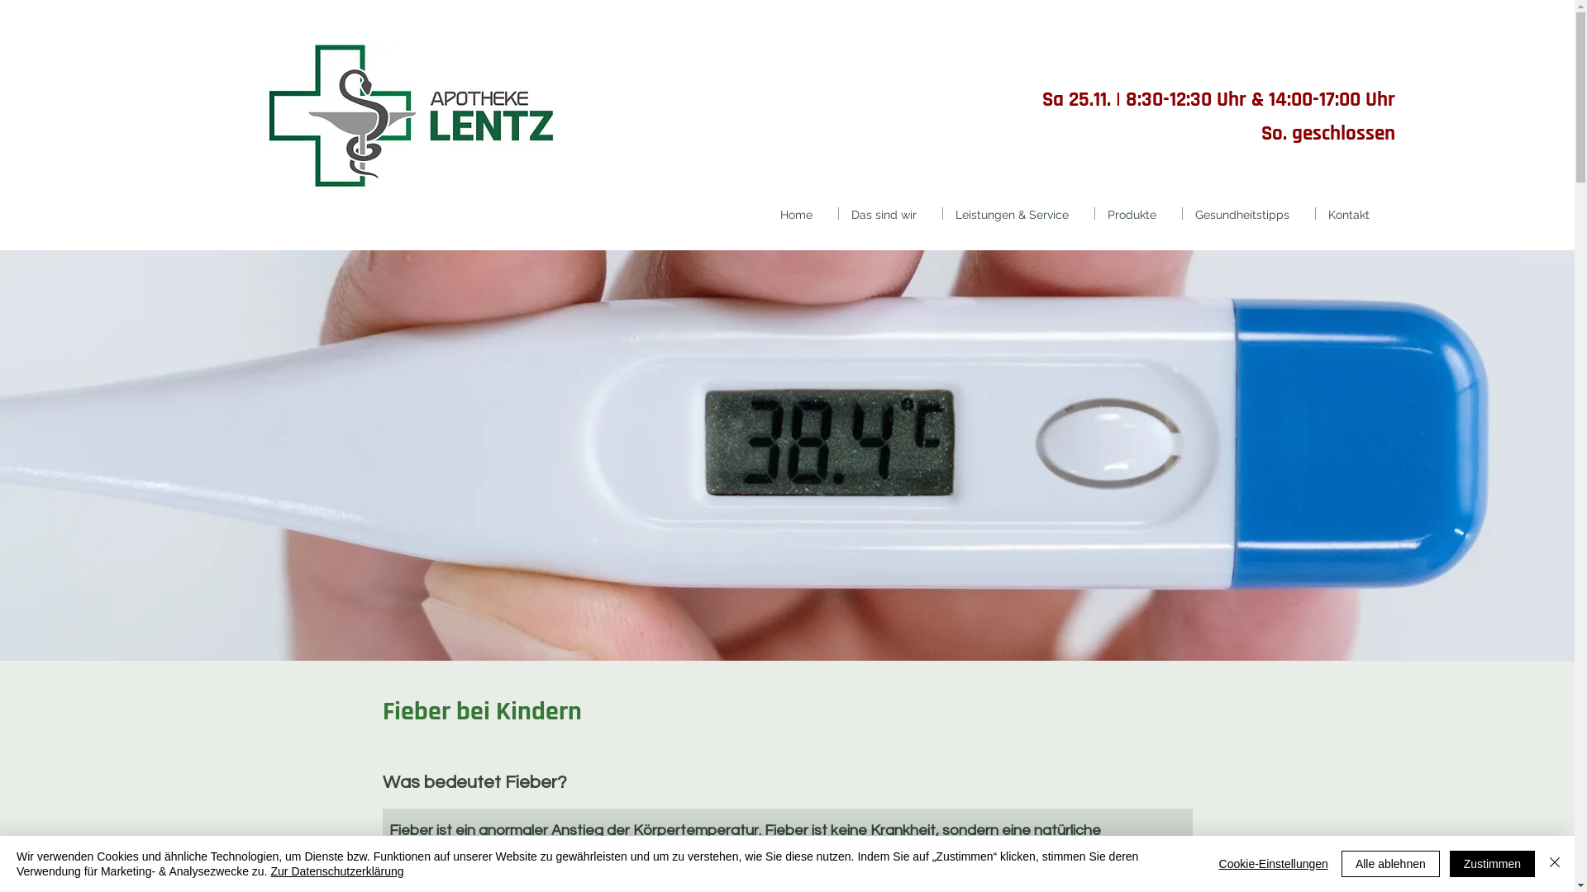 The width and height of the screenshot is (1587, 892). I want to click on 'Gesundheitstipps', so click(1249, 212).